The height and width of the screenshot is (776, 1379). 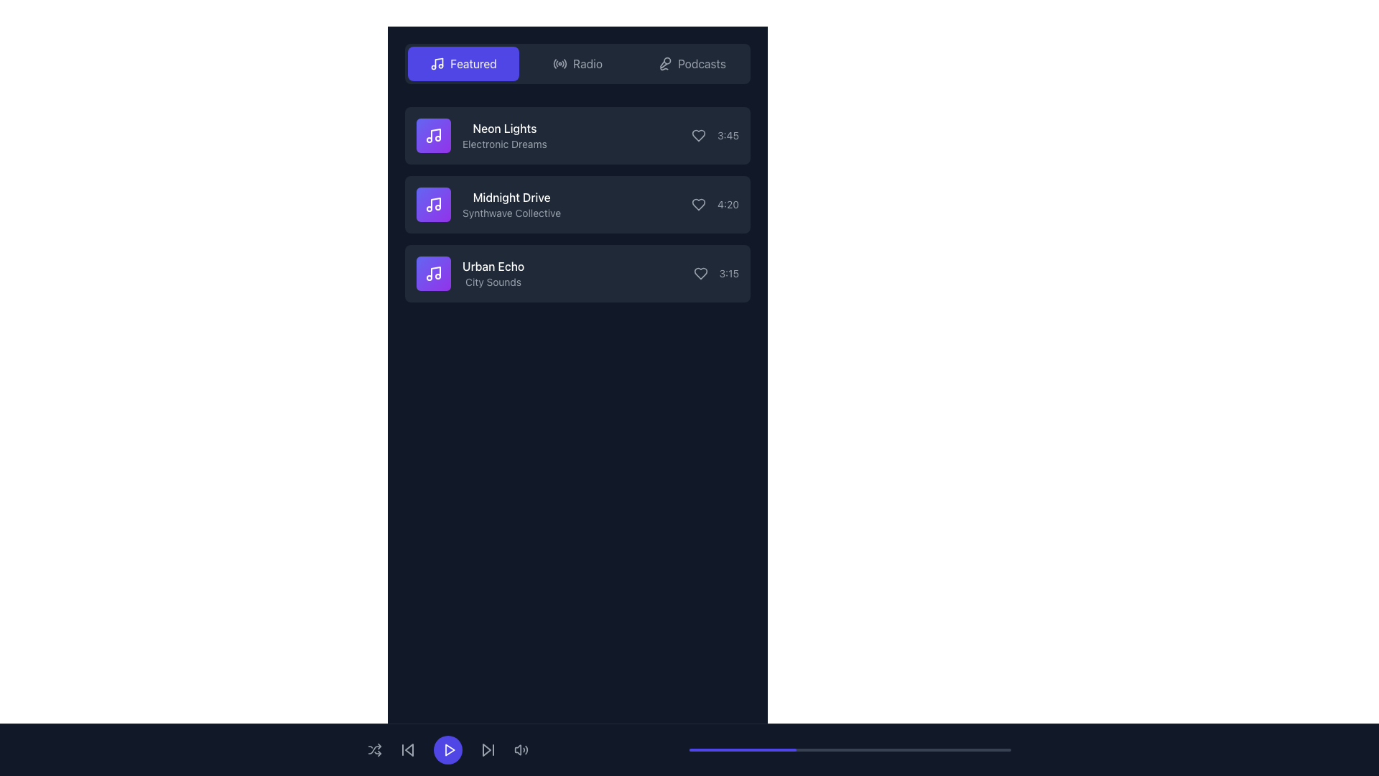 What do you see at coordinates (493, 274) in the screenshot?
I see `the static text display element that shows 'Urban Echo' and 'City Sounds', which is the third list item in the music tracks sidebar` at bounding box center [493, 274].